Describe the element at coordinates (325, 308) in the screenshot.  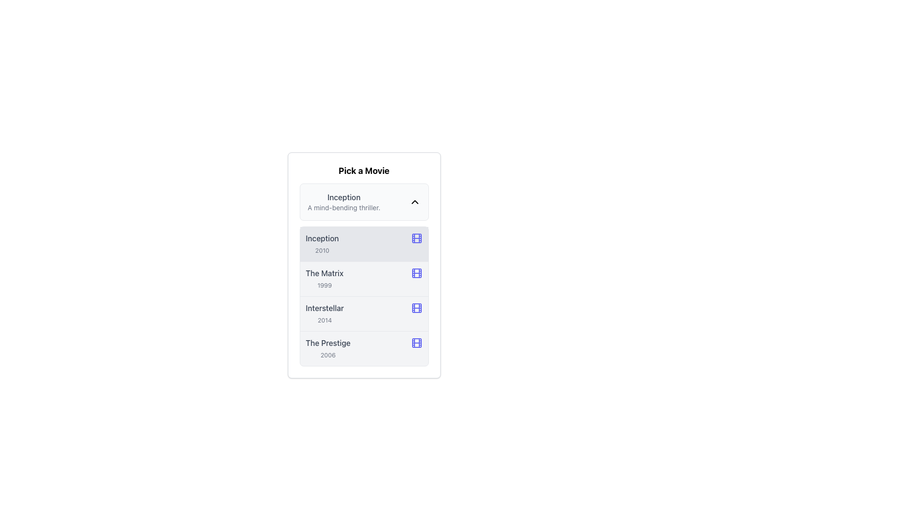
I see `text label representing the movie title located in the third item of the vertically stacked list, which is positioned underneath 'The Matrix' and above 'The Prestige'` at that location.